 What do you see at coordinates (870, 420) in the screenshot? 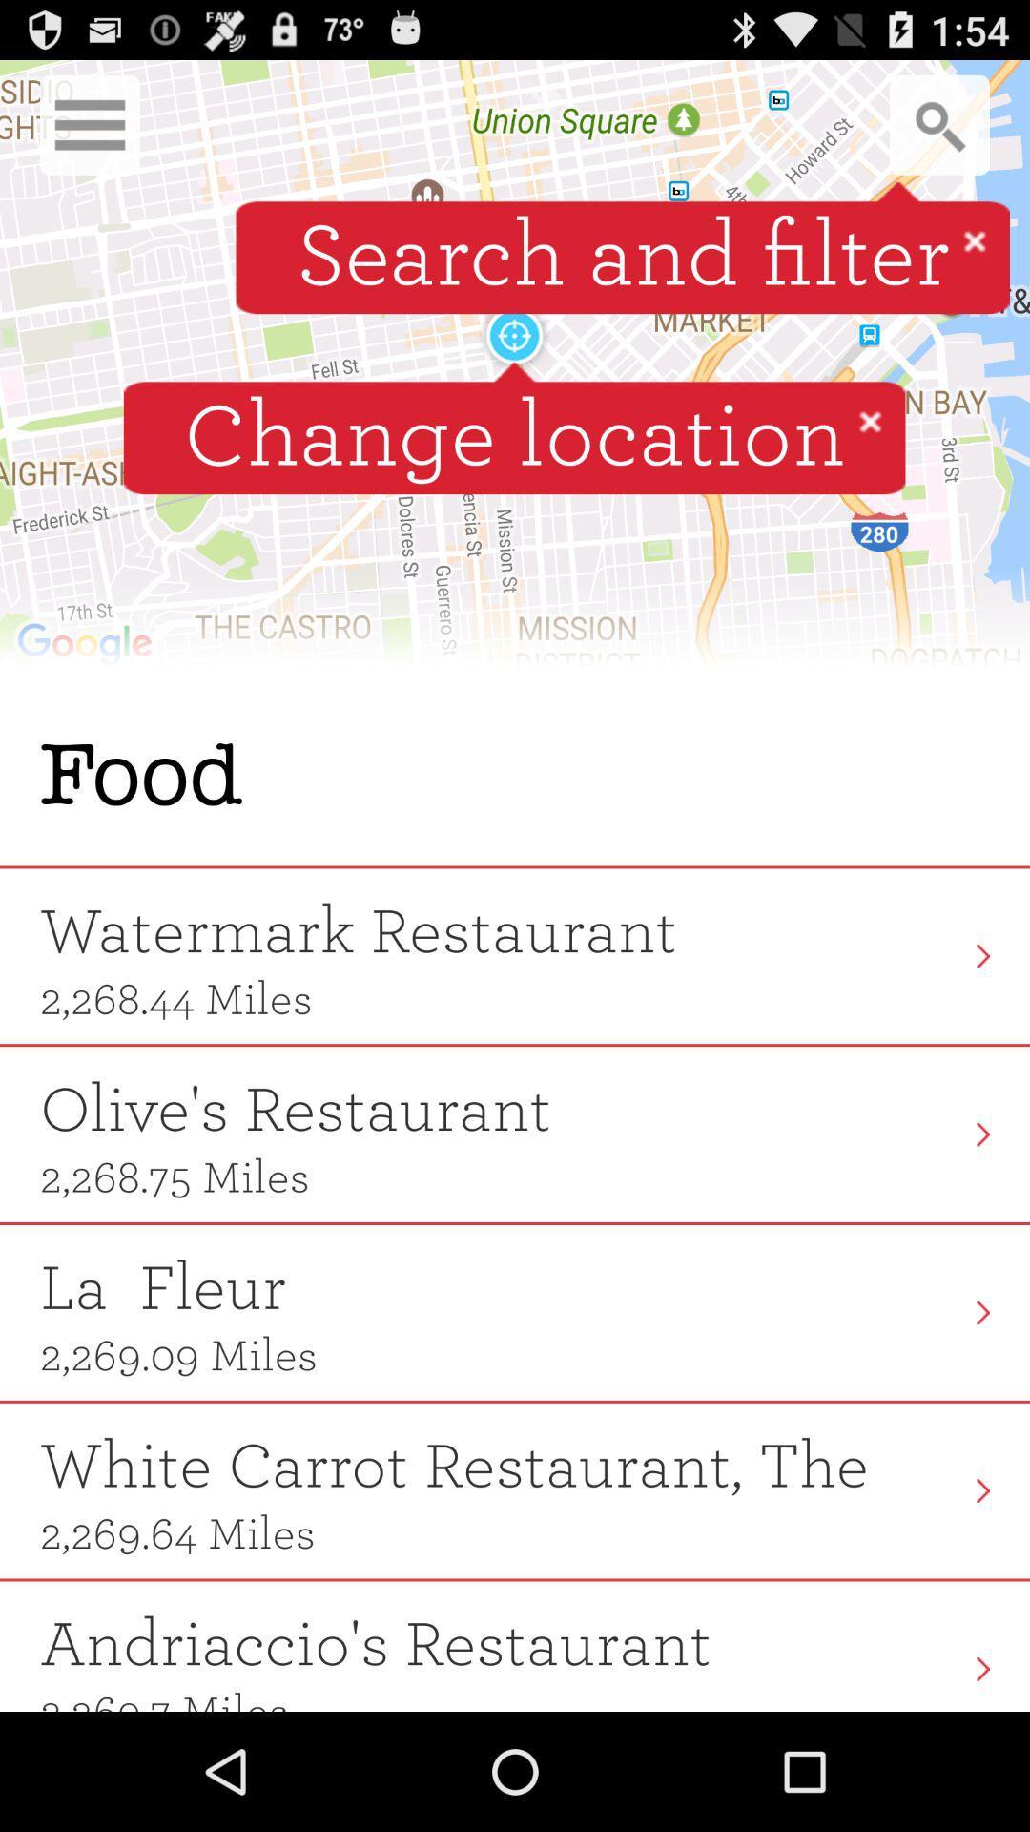
I see `icon` at bounding box center [870, 420].